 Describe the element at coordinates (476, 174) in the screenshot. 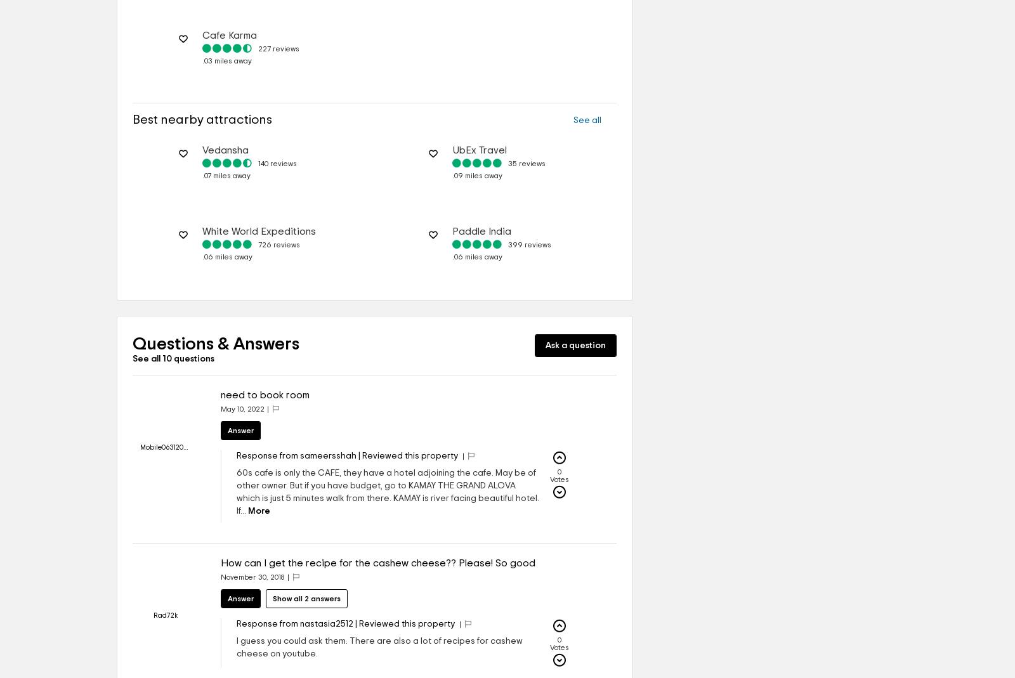

I see `'.09 miles away'` at that location.